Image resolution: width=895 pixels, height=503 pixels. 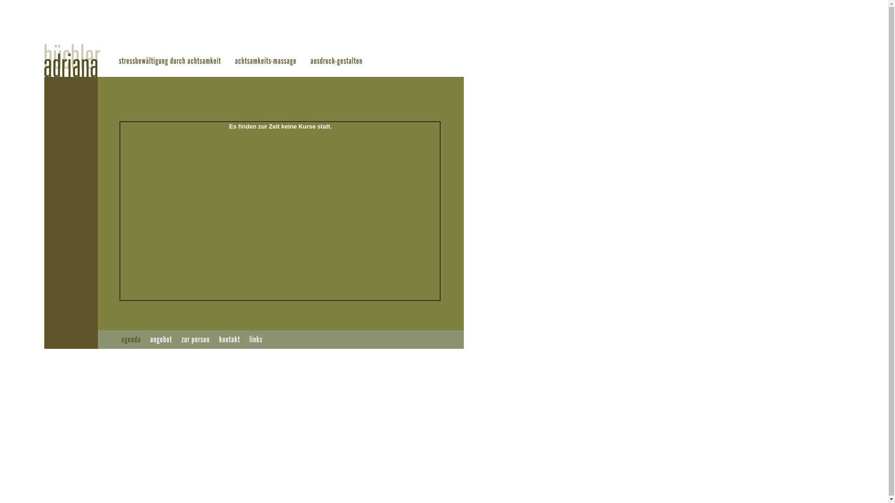 I want to click on 'angebot', so click(x=161, y=340).